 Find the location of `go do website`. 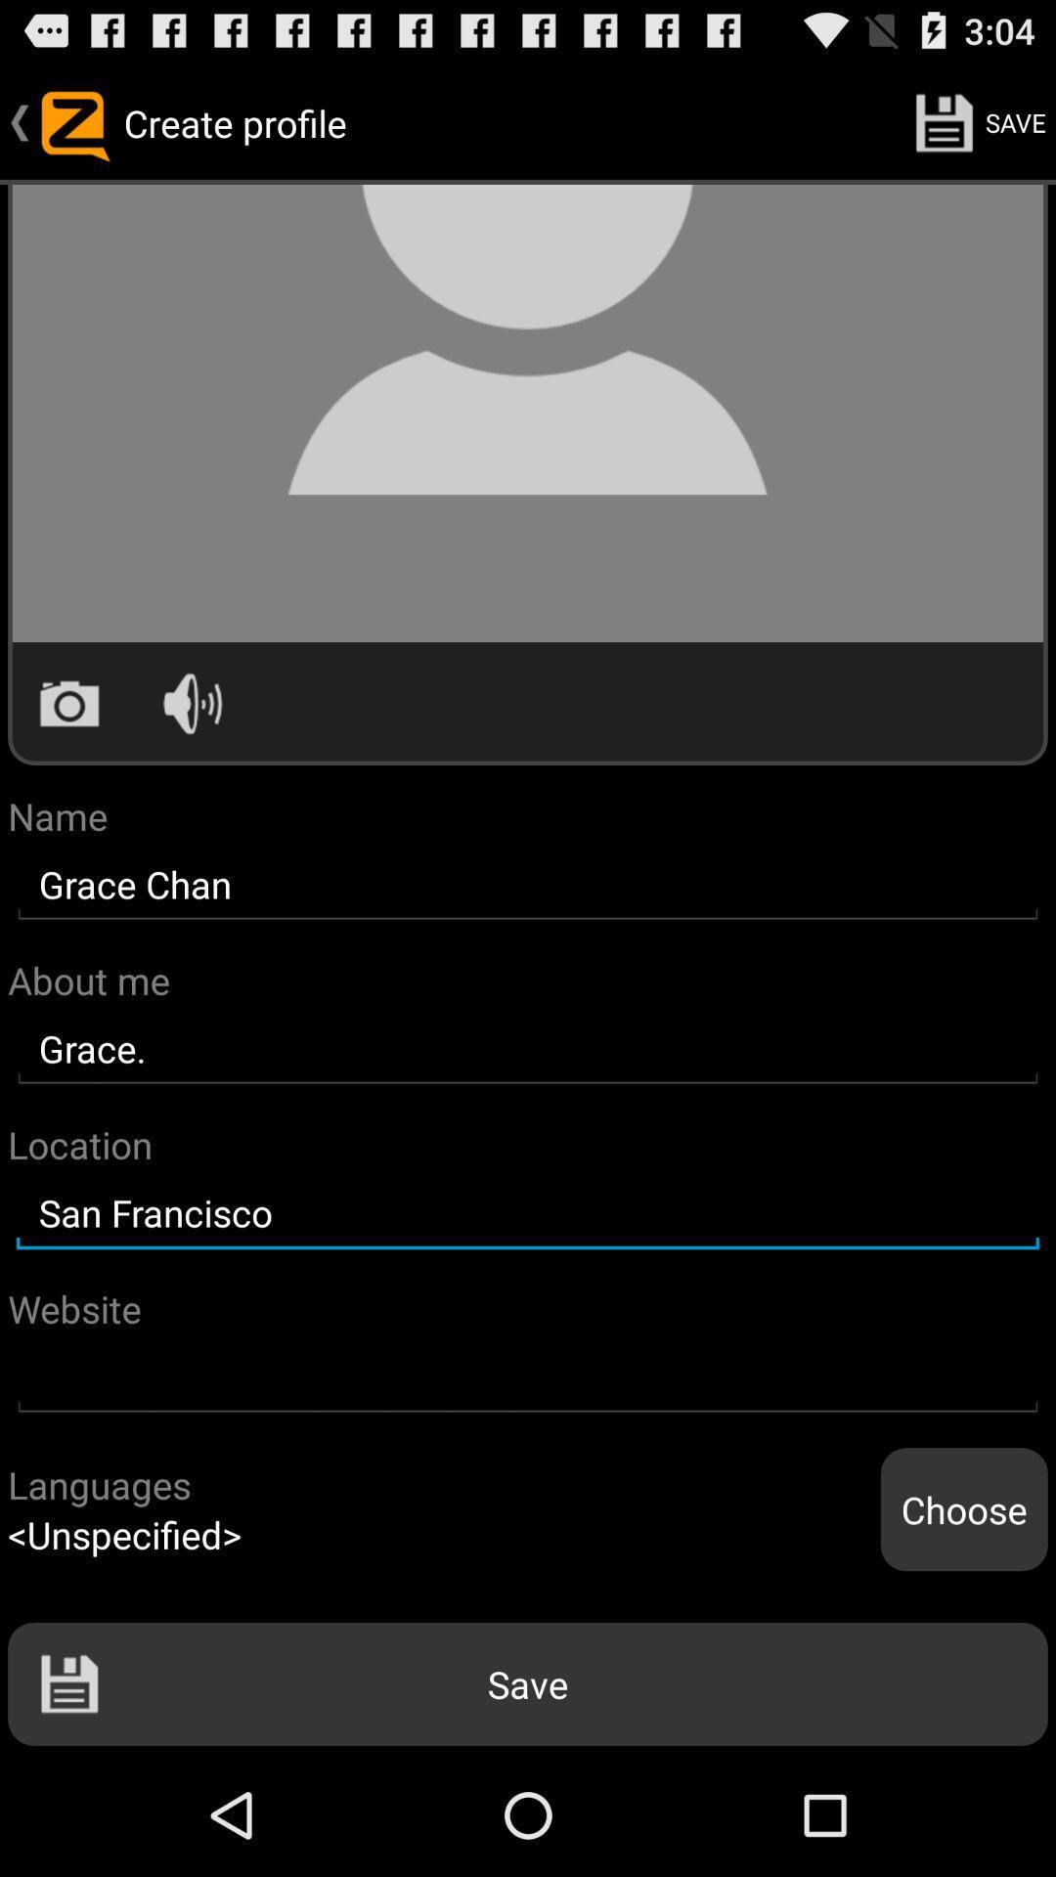

go do website is located at coordinates (528, 1376).